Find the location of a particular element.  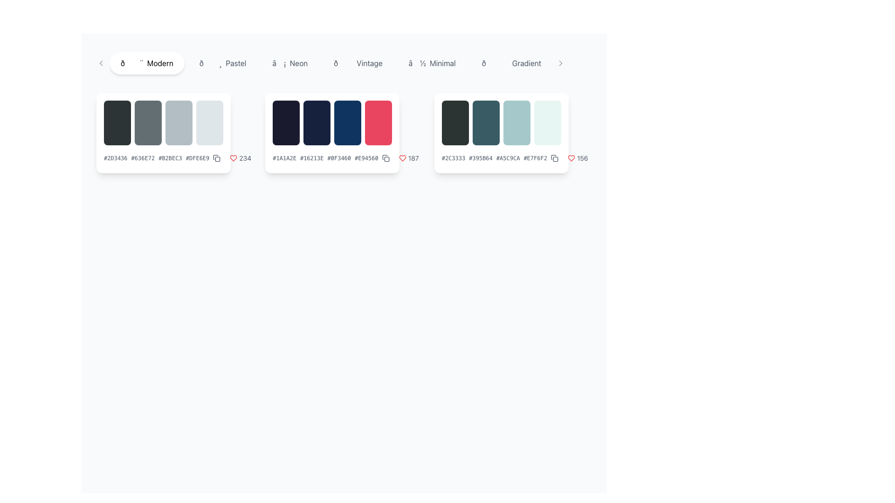

the button labeled 'ð 🌸 Pastel' is located at coordinates (222, 63).